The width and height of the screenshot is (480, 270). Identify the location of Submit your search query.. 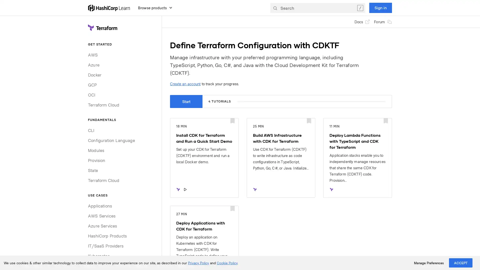
(275, 7).